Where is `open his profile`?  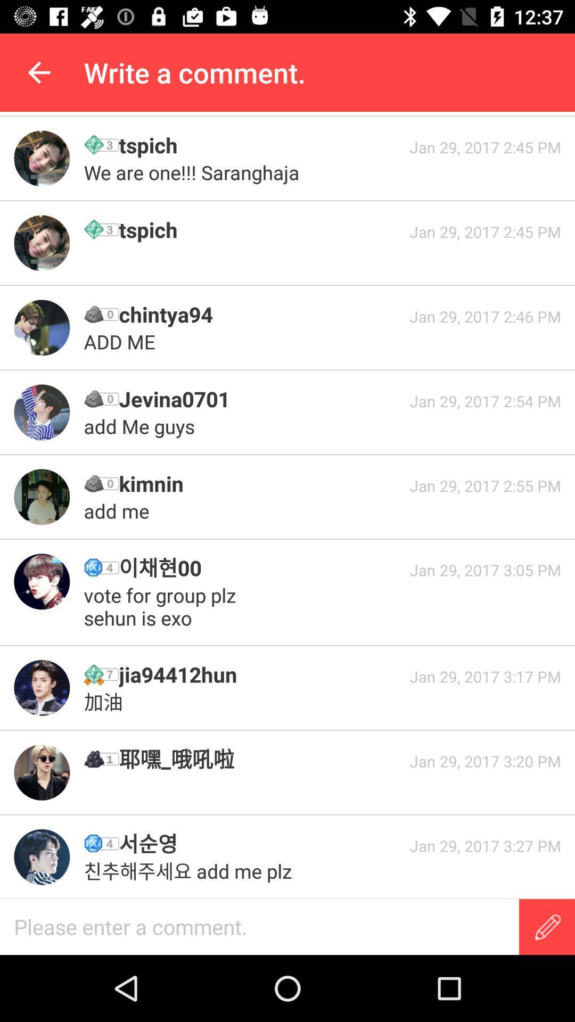
open his profile is located at coordinates (41, 496).